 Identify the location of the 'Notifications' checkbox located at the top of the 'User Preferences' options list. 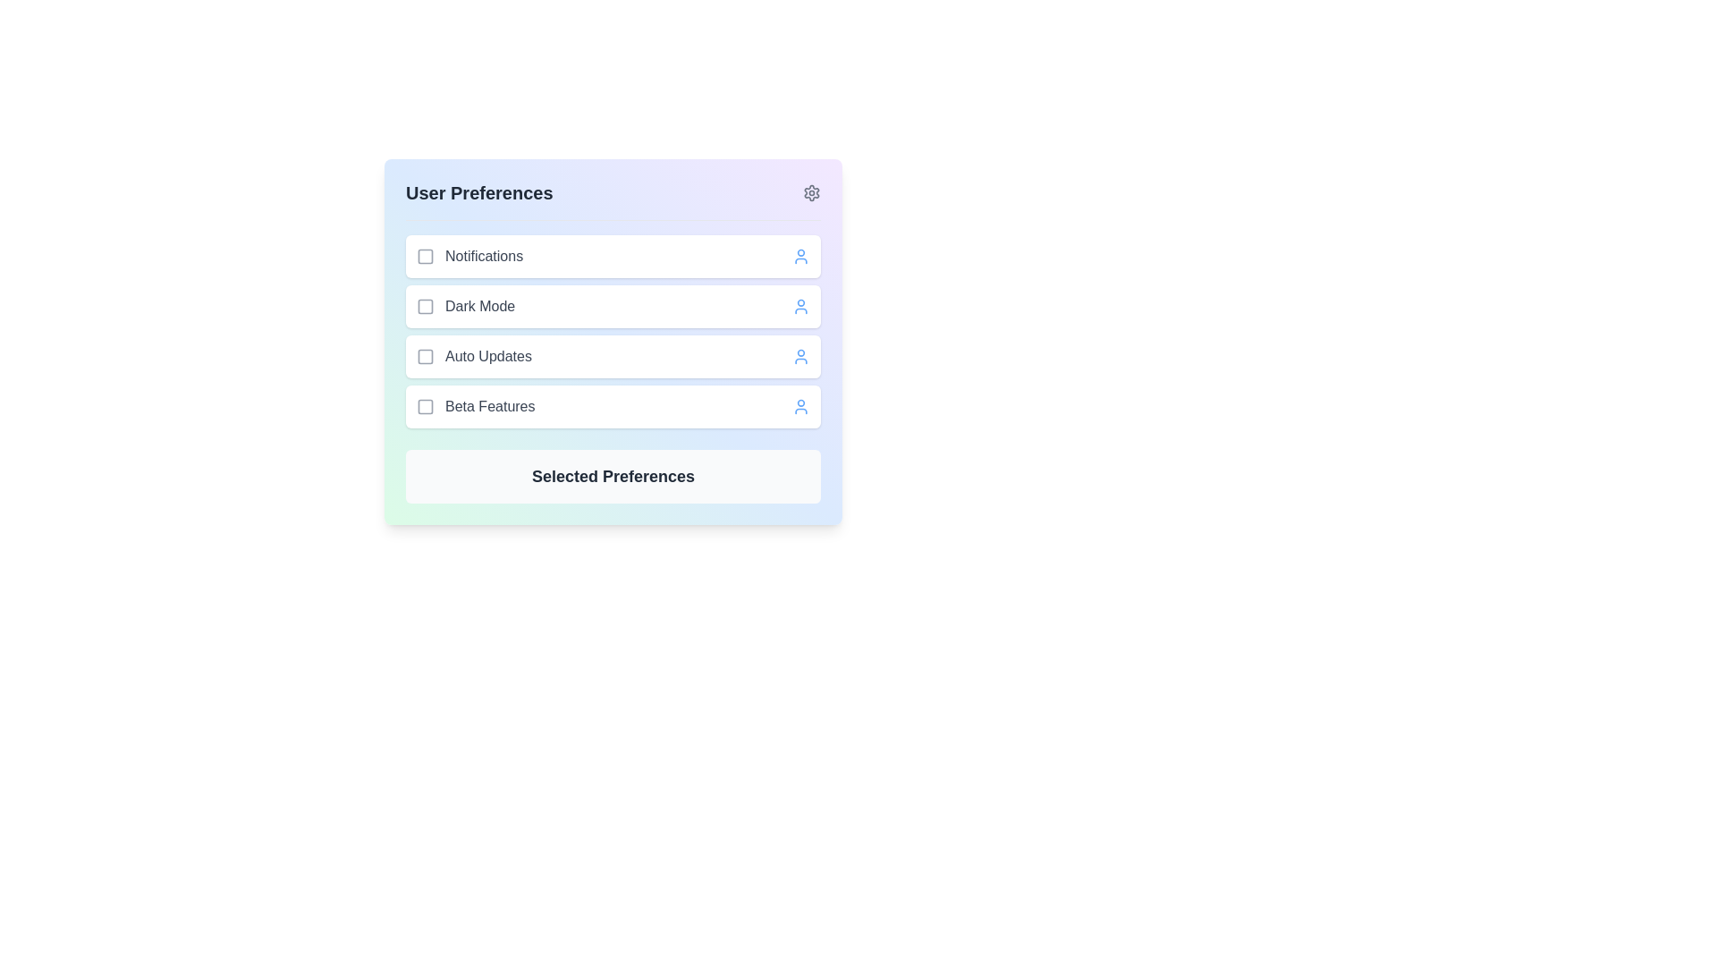
(469, 256).